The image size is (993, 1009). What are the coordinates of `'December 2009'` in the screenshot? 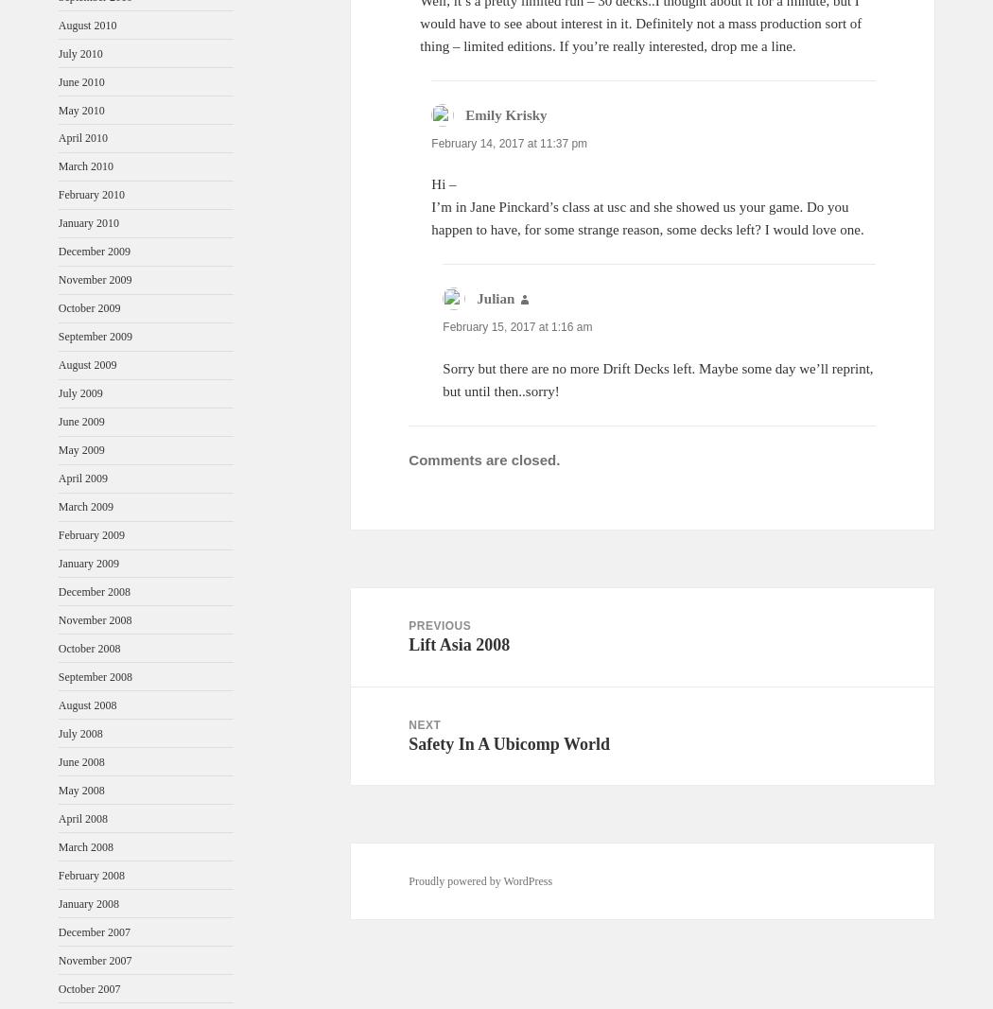 It's located at (94, 252).